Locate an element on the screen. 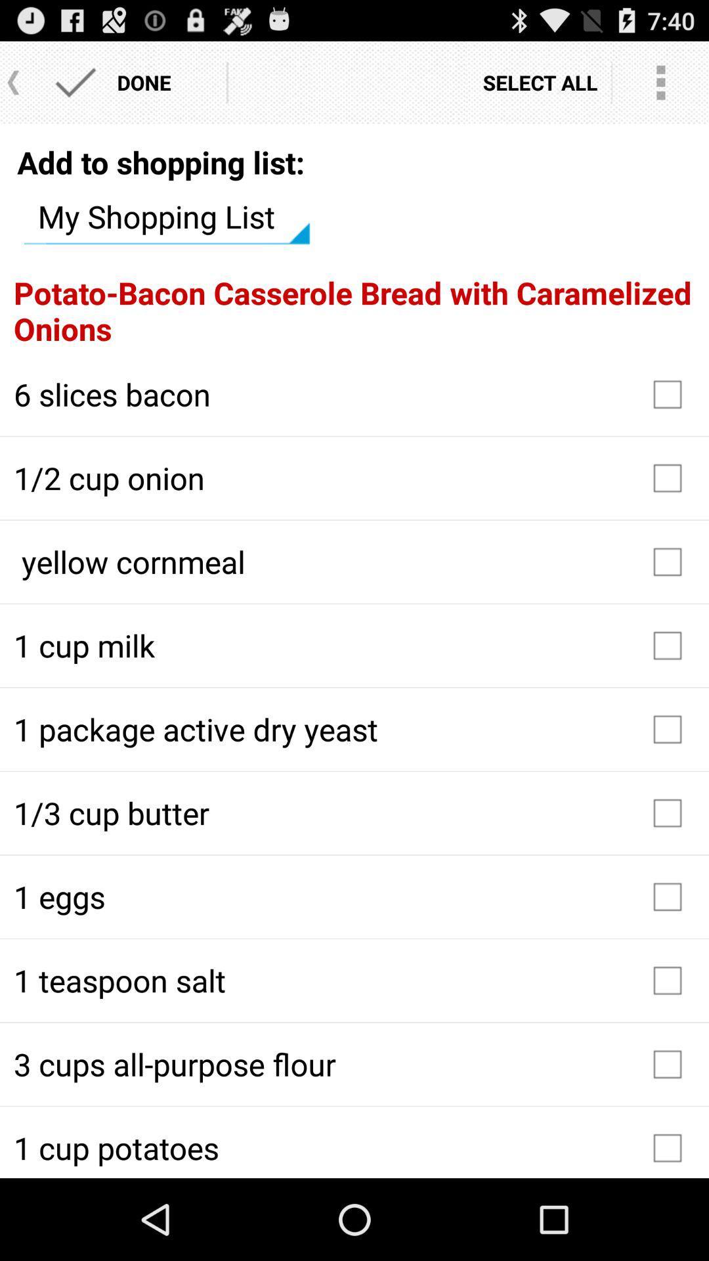  icon below the 1 cup milk is located at coordinates (354, 728).